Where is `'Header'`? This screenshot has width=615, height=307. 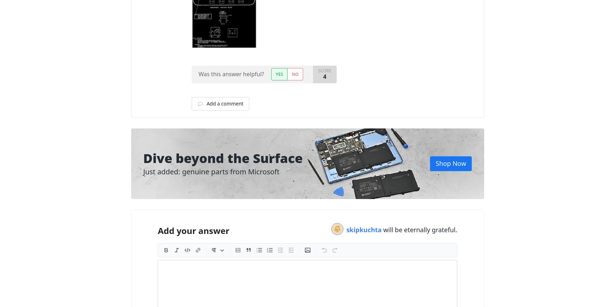
'Header' is located at coordinates (169, 257).